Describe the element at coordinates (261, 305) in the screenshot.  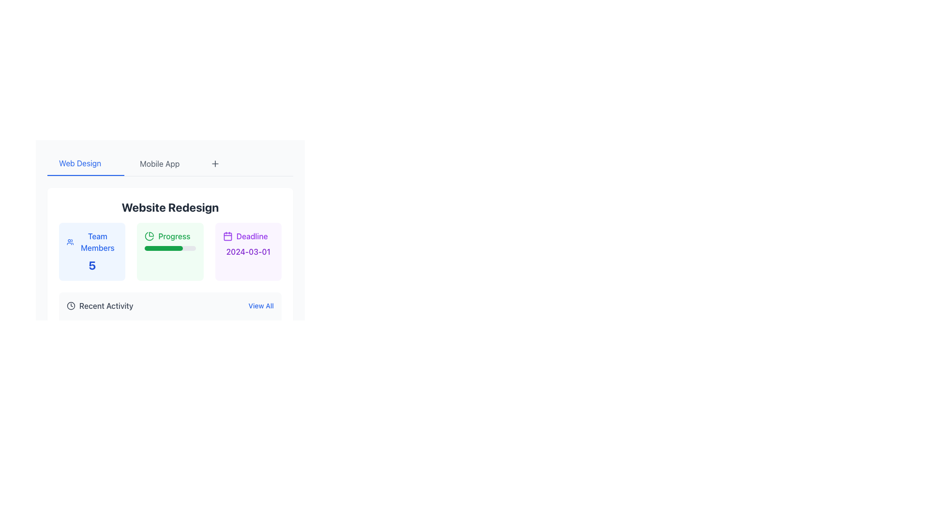
I see `the Text button located at the far right of the 'Recent Activity' section` at that location.